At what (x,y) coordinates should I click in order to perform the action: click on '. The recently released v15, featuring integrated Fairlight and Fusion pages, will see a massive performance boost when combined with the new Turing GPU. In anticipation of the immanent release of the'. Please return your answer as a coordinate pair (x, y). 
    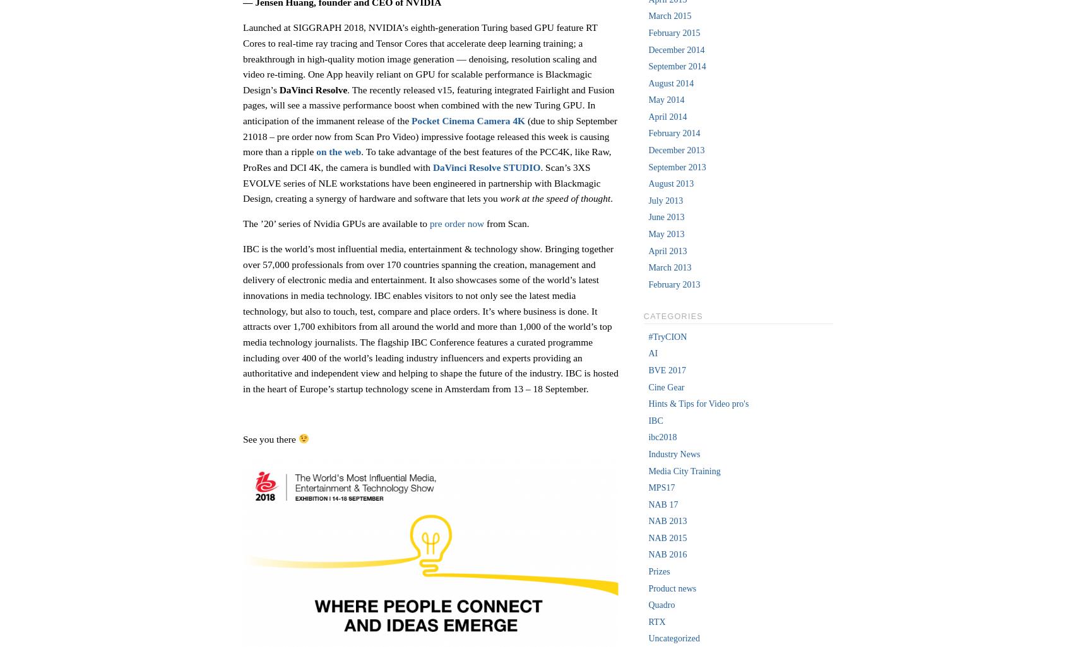
    Looking at the image, I should click on (428, 104).